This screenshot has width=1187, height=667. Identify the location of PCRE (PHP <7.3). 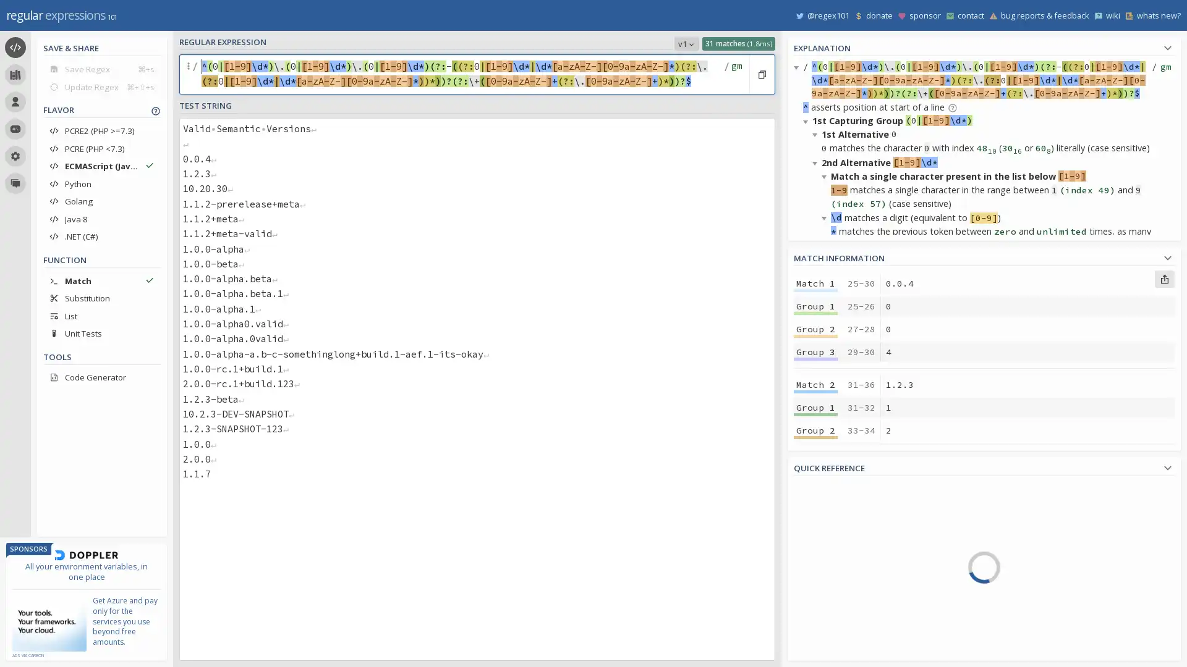
(101, 148).